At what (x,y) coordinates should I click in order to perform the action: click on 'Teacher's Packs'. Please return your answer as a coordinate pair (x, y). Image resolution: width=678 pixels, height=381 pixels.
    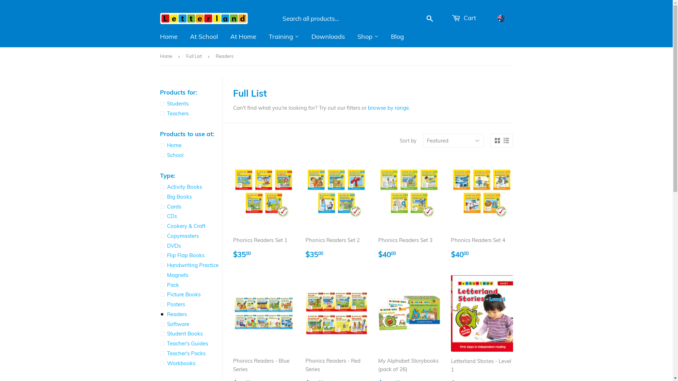
    Looking at the image, I should click on (190, 353).